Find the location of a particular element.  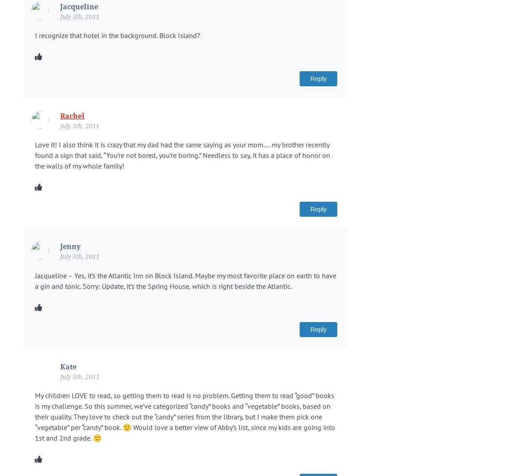

'Jenny' is located at coordinates (70, 246).